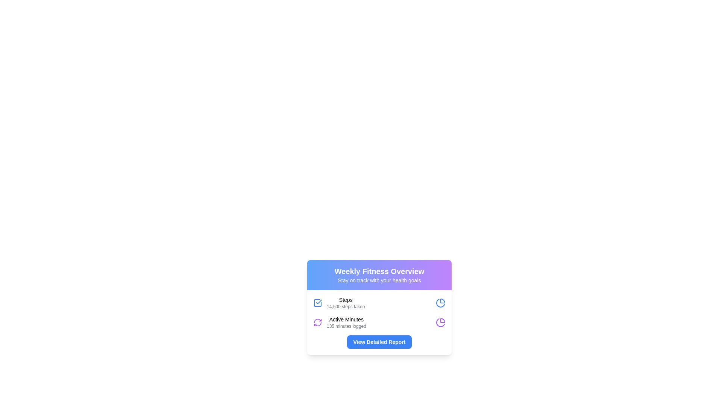 The height and width of the screenshot is (406, 722). What do you see at coordinates (346, 322) in the screenshot?
I see `the 'Active Minutes' text display, which shows '135 minutes logged' in a smaller font, located within a summary card interface` at bounding box center [346, 322].